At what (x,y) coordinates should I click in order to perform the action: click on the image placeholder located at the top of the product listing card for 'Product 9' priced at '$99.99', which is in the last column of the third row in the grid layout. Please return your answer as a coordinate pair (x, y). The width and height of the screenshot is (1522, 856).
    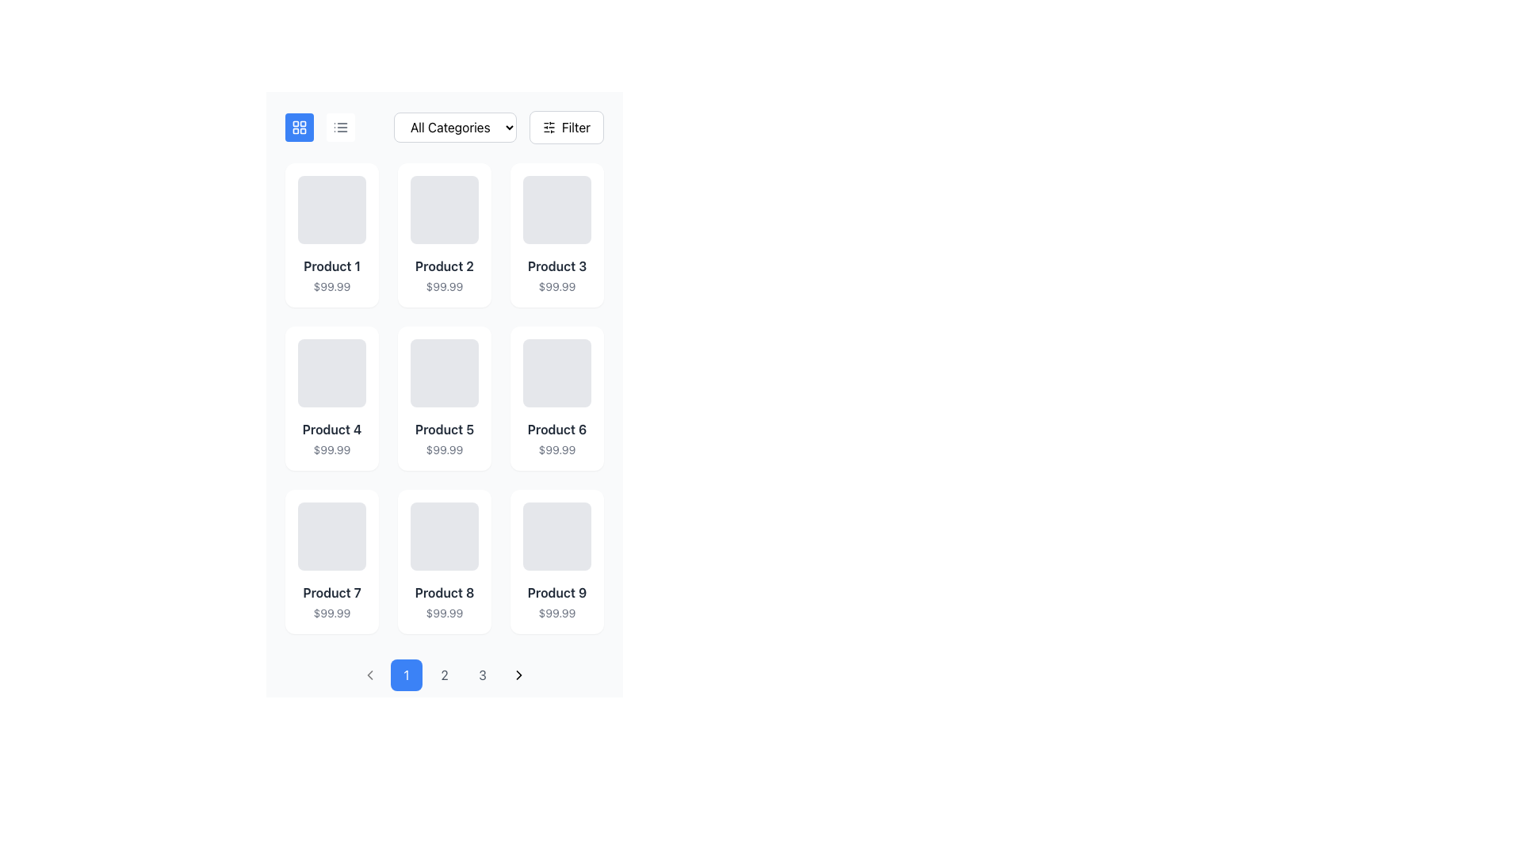
    Looking at the image, I should click on (556, 536).